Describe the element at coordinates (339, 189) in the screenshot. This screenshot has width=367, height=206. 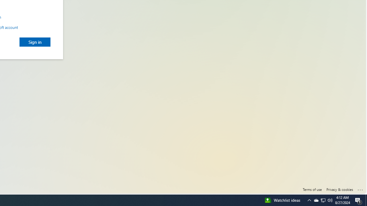
I see `'Privacy & cookies'` at that location.